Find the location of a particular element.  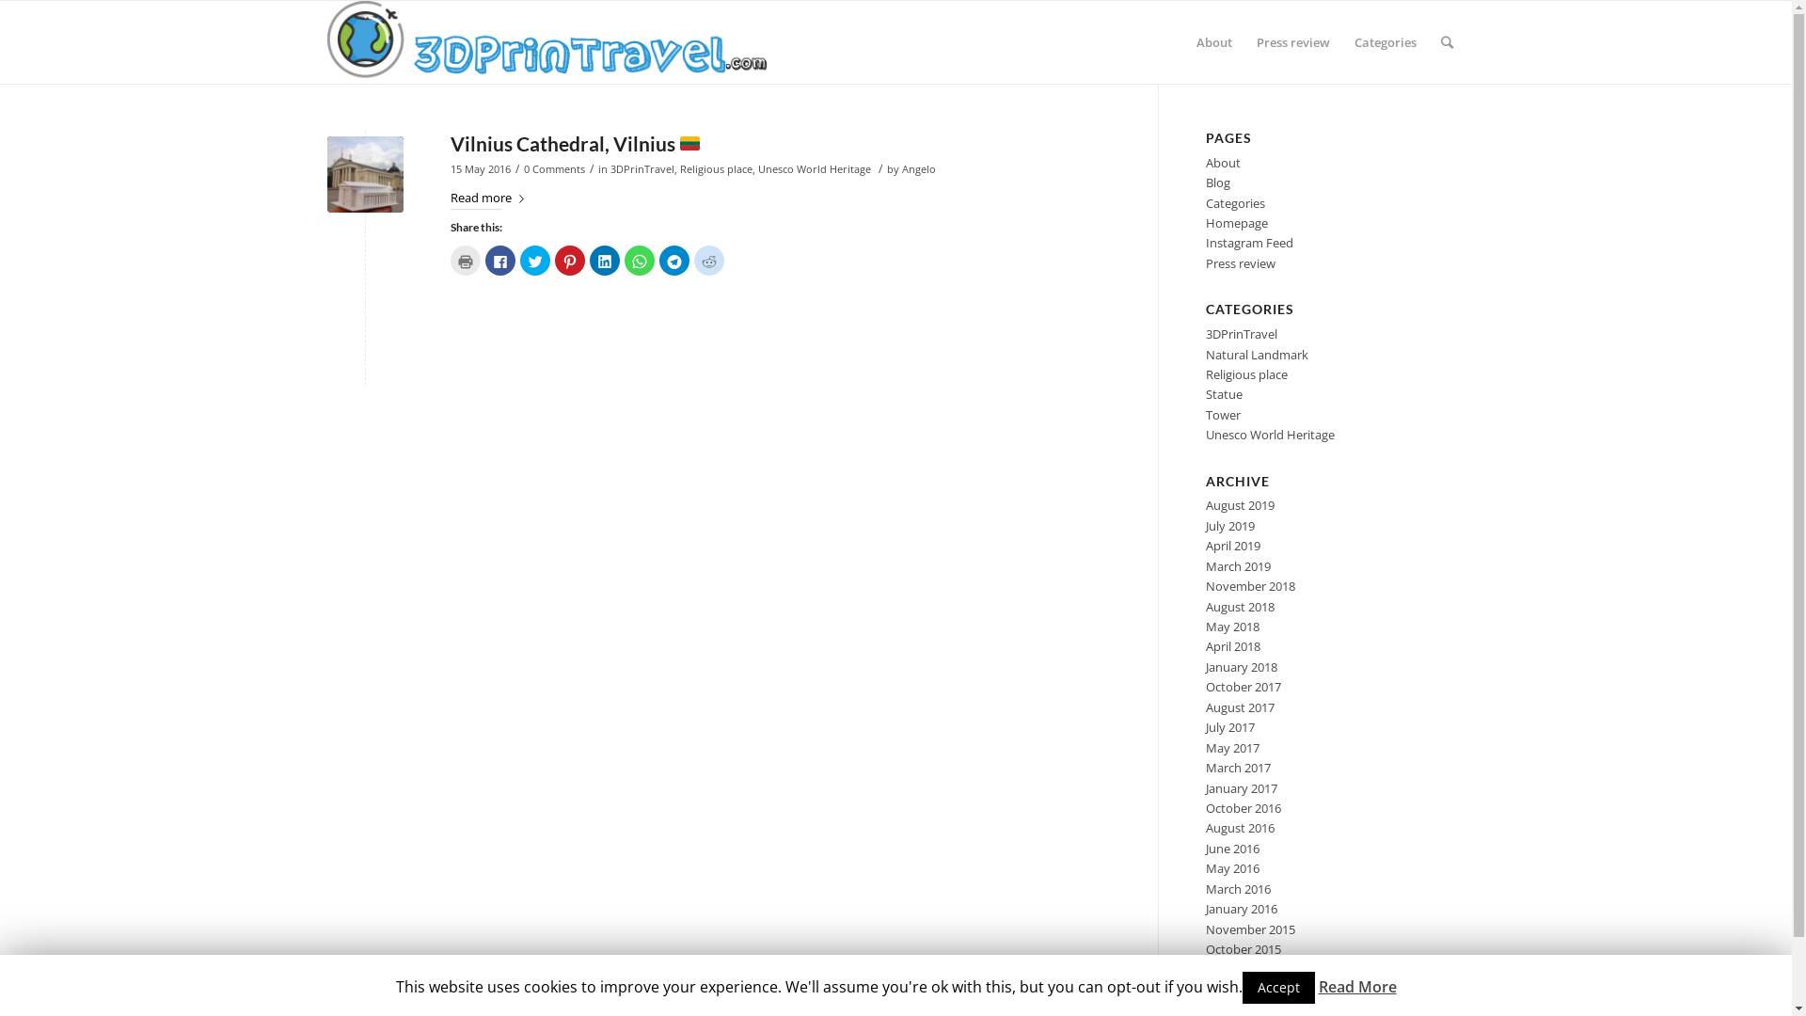

'April 2018' is located at coordinates (1232, 644).